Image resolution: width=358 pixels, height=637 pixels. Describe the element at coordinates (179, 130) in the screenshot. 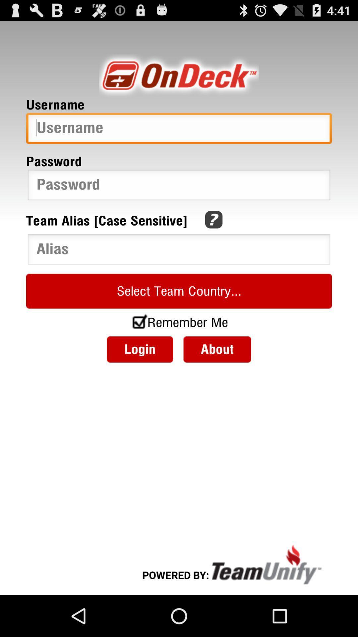

I see `username` at that location.